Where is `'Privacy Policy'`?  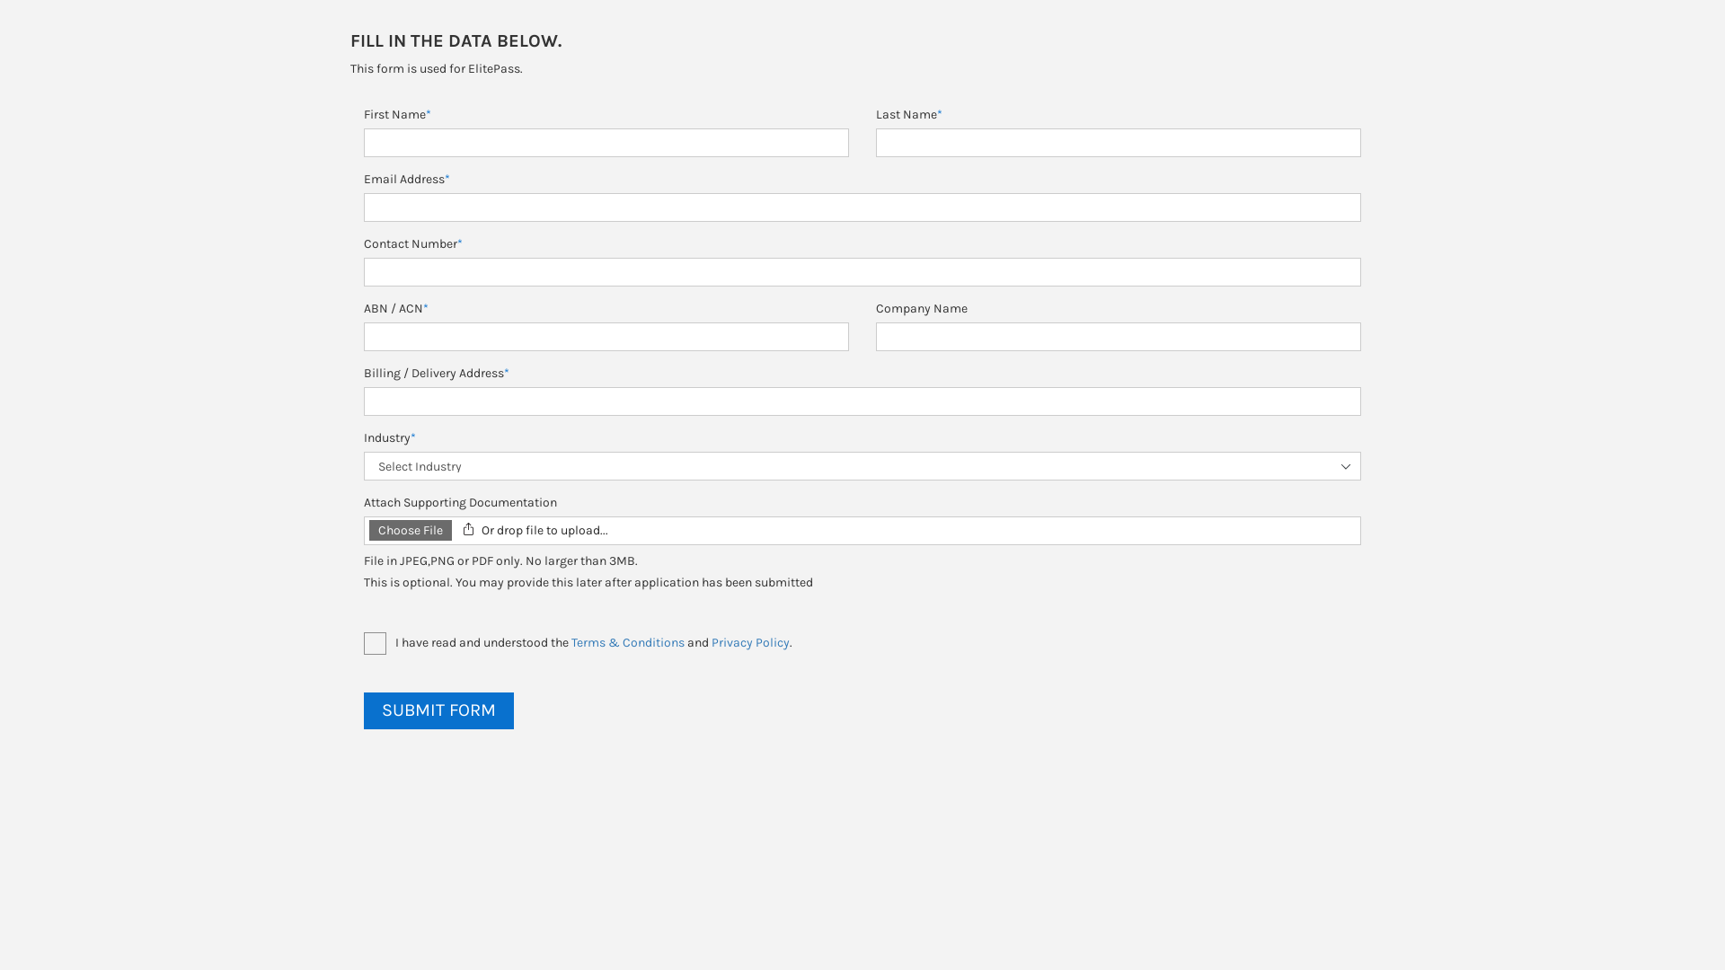
'Privacy Policy' is located at coordinates (750, 641).